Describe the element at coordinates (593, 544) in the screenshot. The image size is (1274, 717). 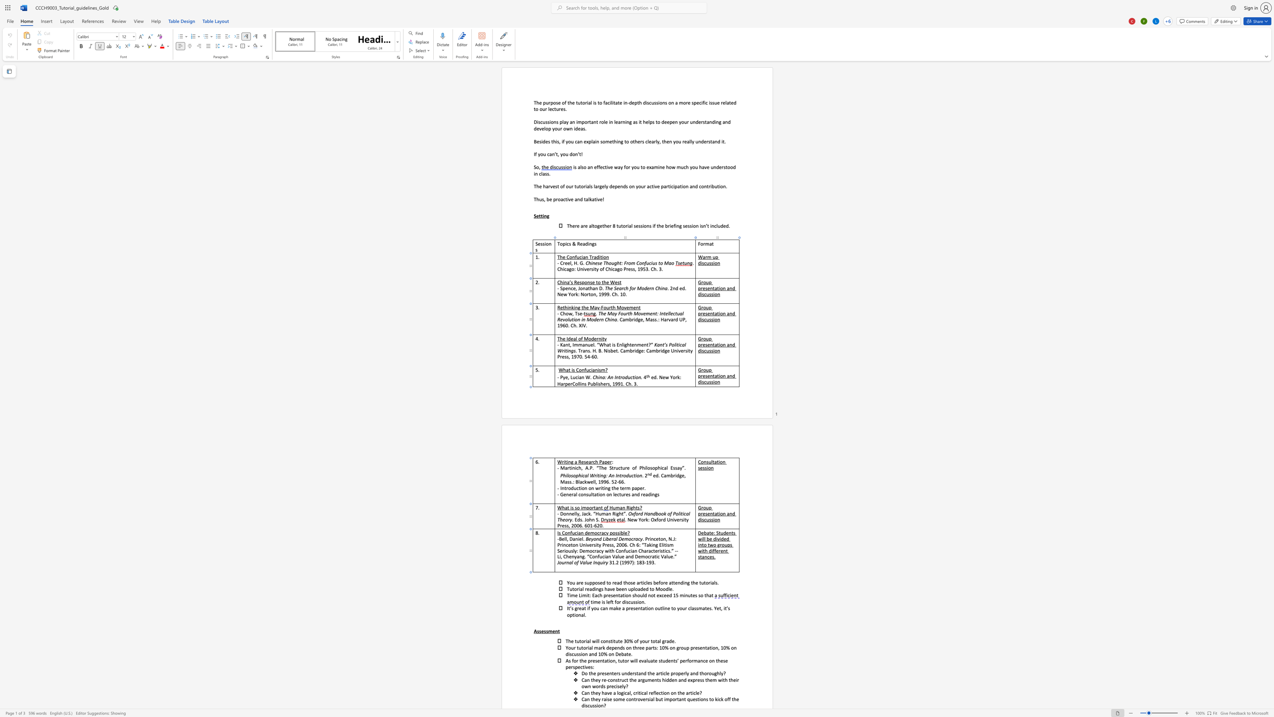
I see `the space between the continuous character "r" and "s" in the text` at that location.